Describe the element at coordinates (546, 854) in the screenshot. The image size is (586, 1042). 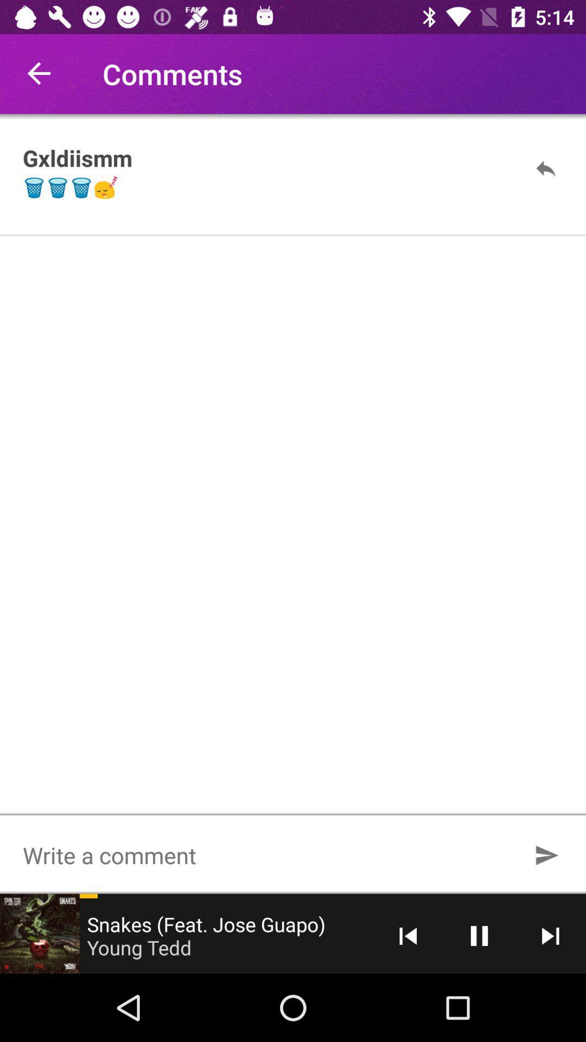
I see `the send icon` at that location.